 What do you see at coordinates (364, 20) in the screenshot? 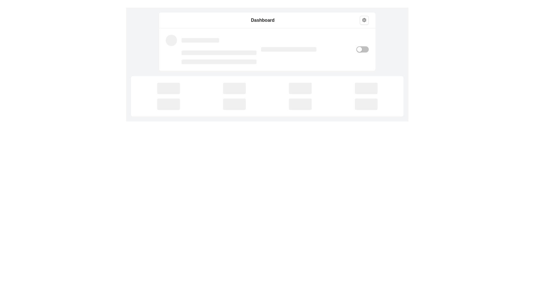
I see `the gear-like icon in the upper-right corner of the header bar` at bounding box center [364, 20].